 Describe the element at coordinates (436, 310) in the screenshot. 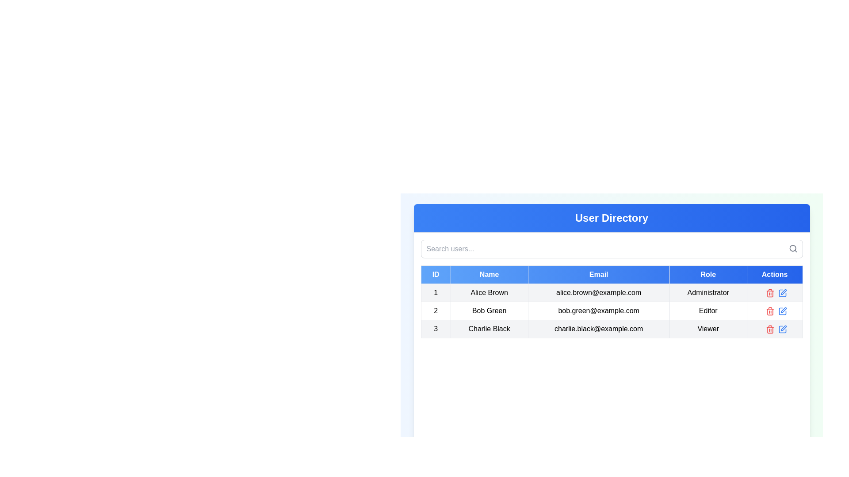

I see `text content of the table cell in the first column labeled 'ID' which contains the number '2'` at that location.